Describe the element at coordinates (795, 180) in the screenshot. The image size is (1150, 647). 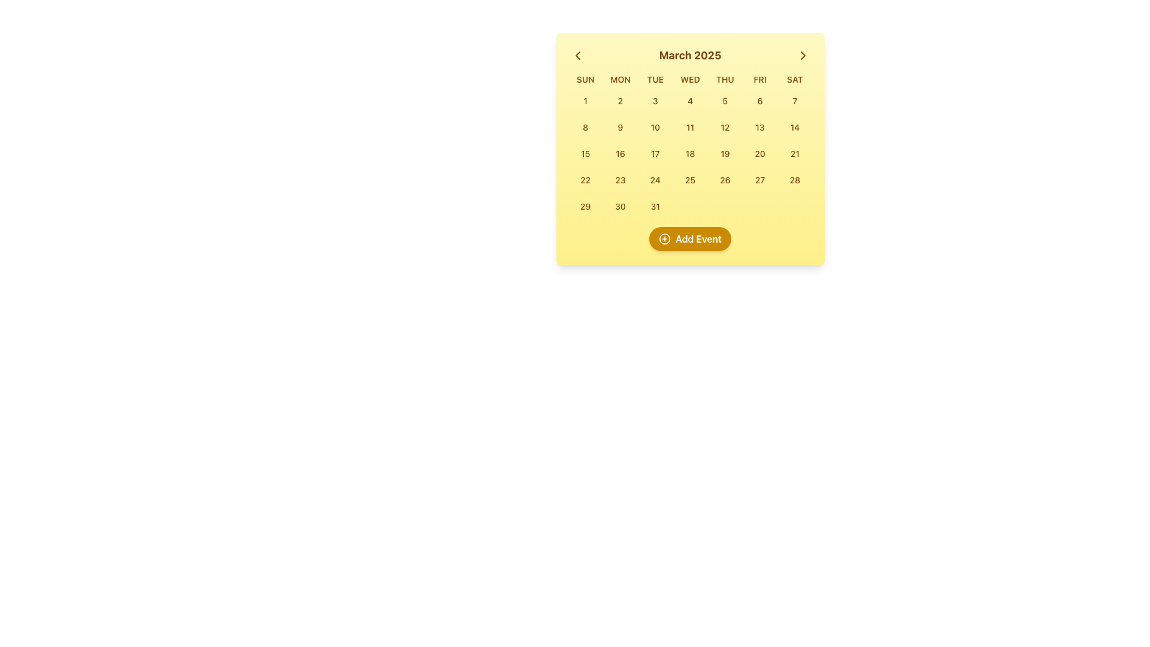
I see `the text label '28' inside the date picker` at that location.